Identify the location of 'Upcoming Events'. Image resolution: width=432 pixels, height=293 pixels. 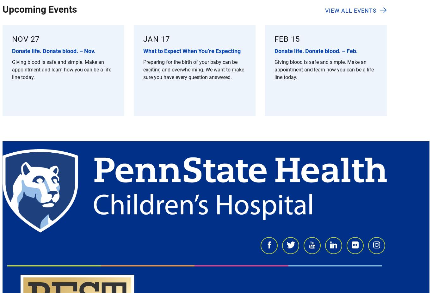
(39, 9).